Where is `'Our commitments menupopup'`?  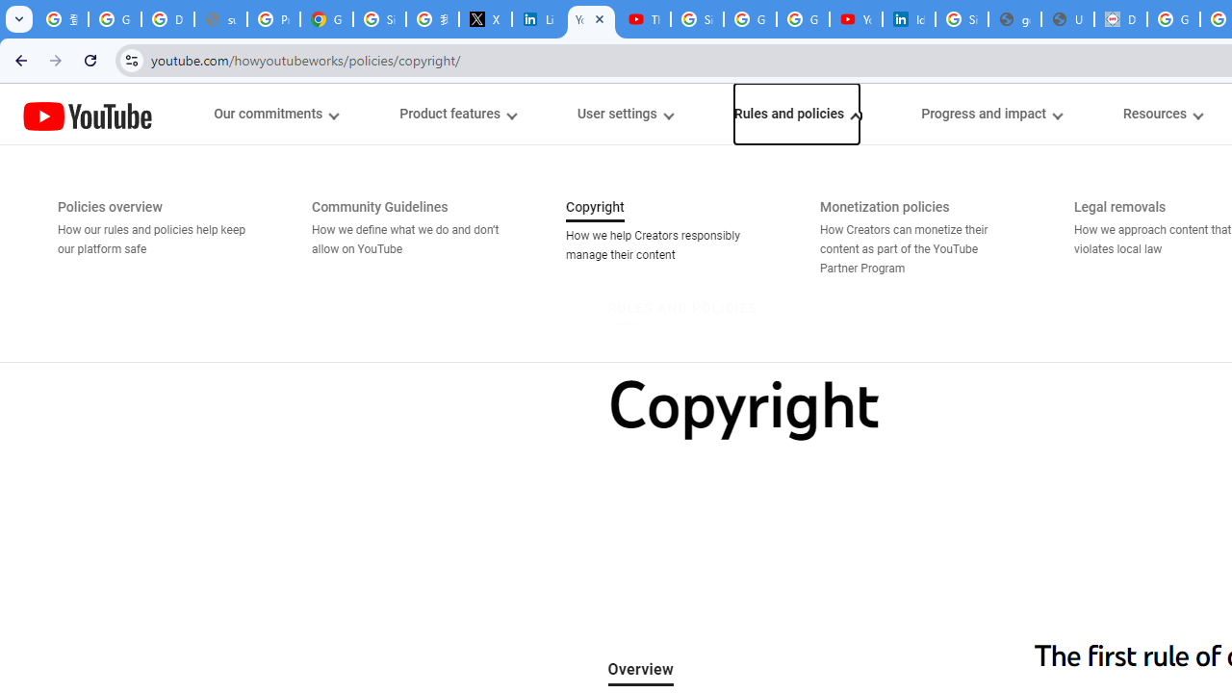
'Our commitments menupopup' is located at coordinates (274, 114).